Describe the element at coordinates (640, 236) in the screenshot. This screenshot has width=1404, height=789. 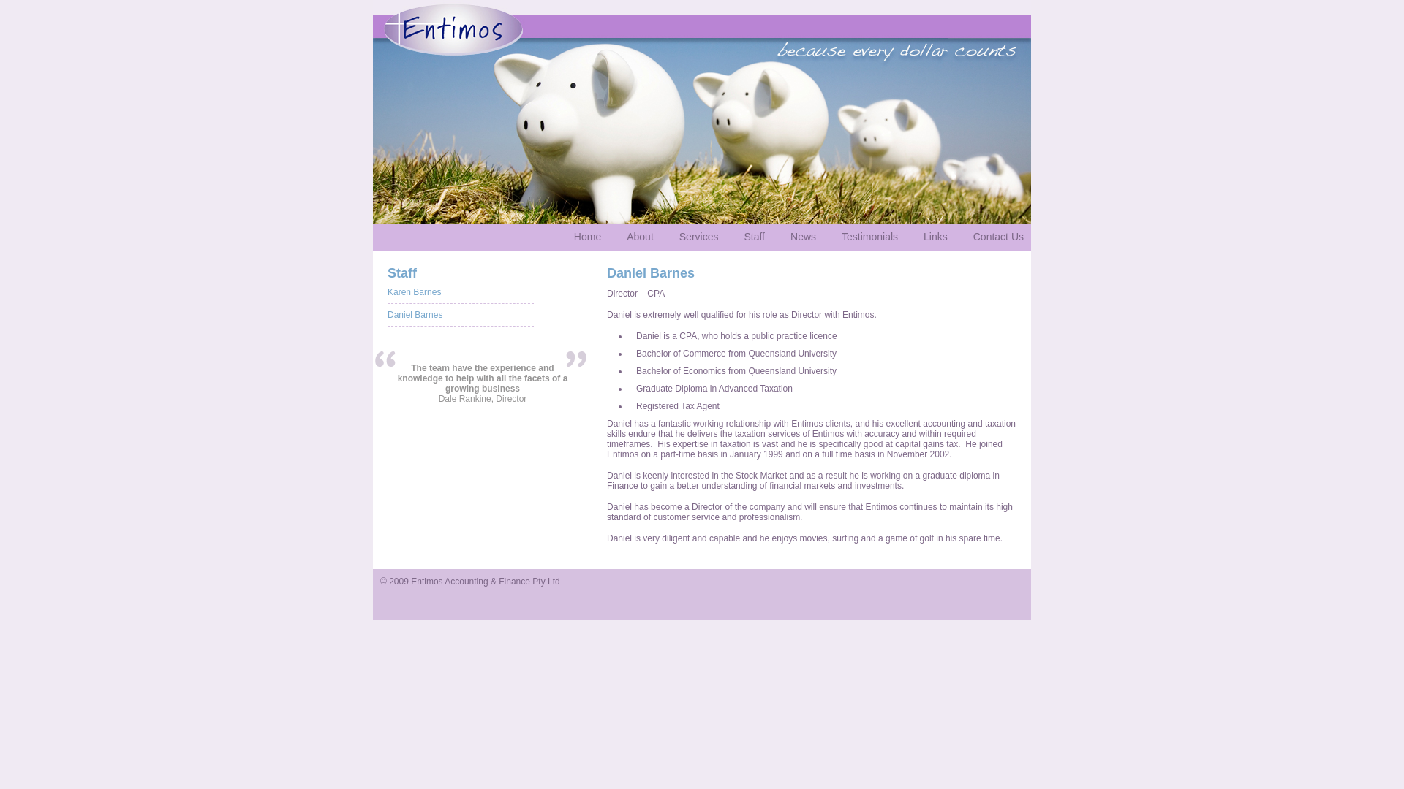
I see `'About'` at that location.